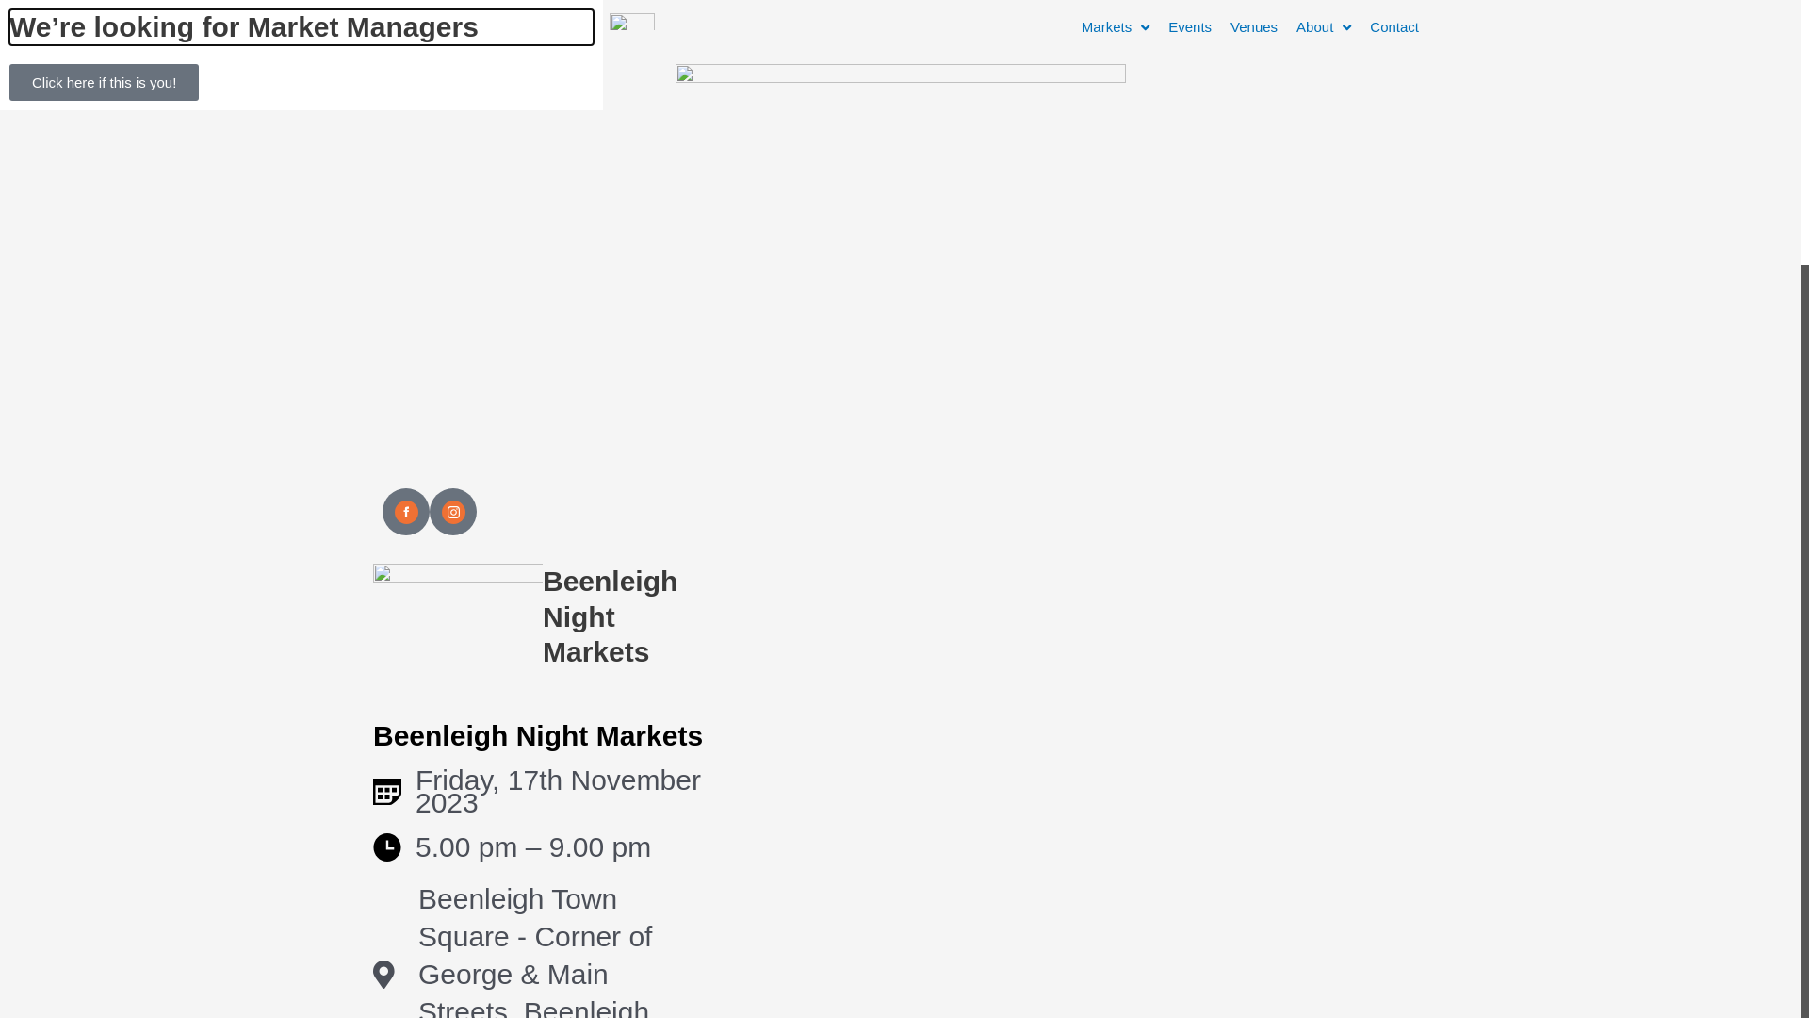  I want to click on 'About', so click(1323, 27).